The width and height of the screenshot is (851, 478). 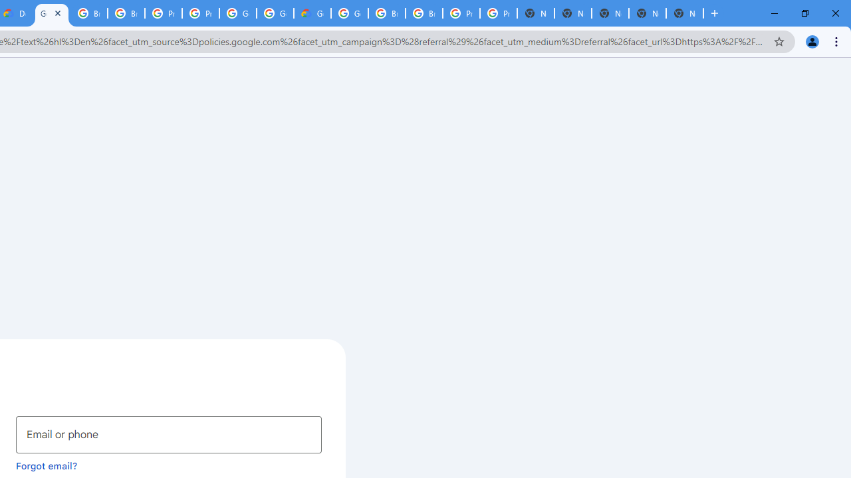 I want to click on 'New Tab', so click(x=685, y=13).